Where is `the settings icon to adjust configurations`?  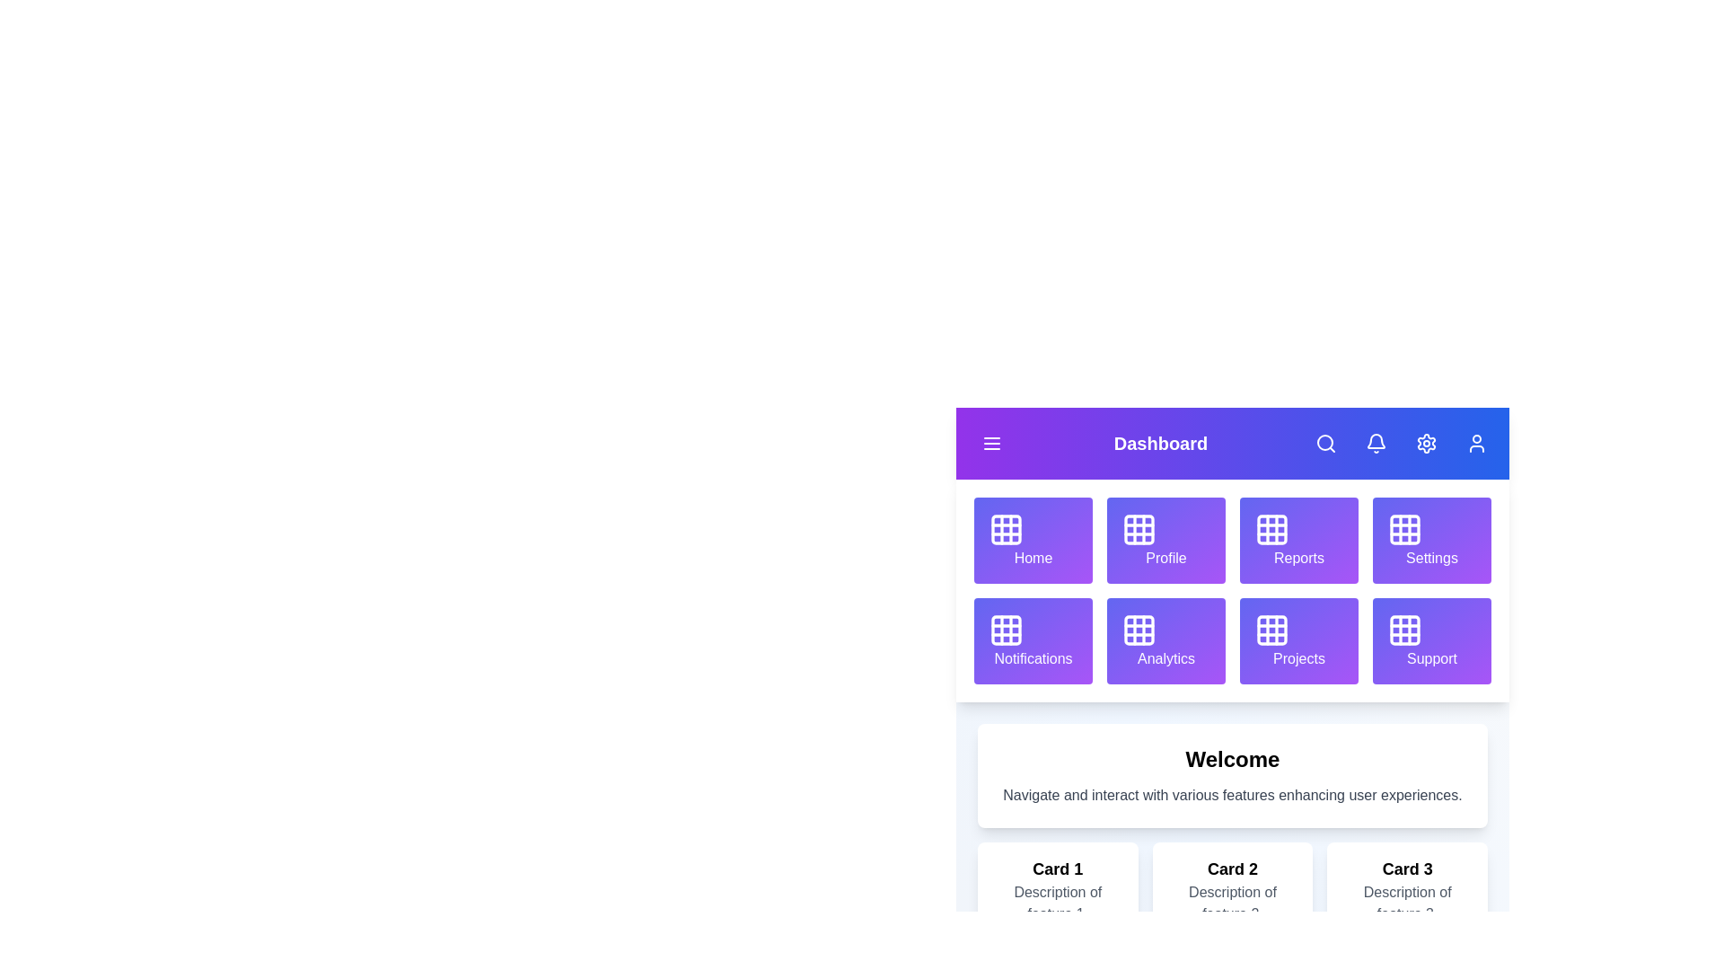 the settings icon to adjust configurations is located at coordinates (1425, 443).